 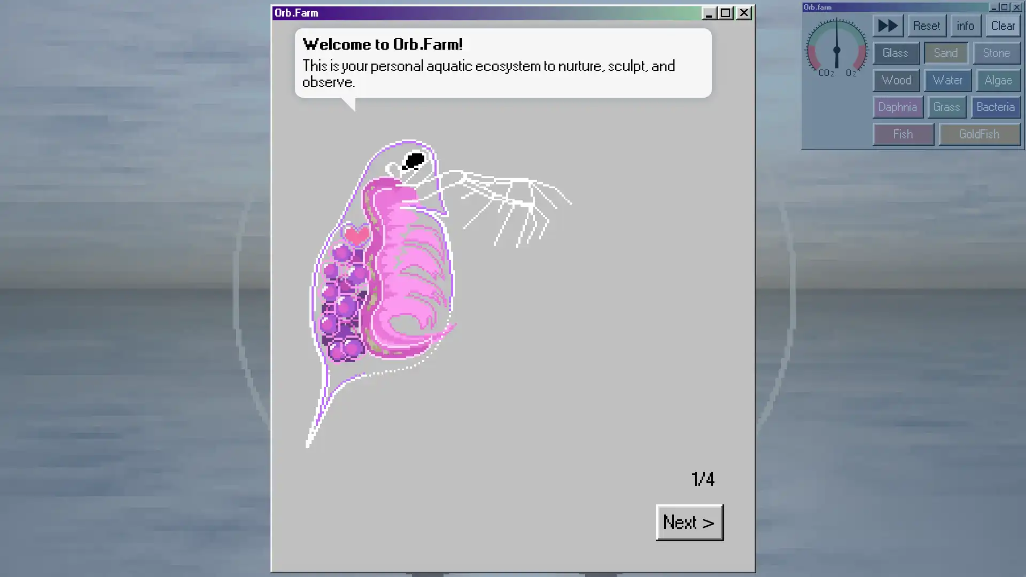 I want to click on Maximize, so click(x=803, y=5).